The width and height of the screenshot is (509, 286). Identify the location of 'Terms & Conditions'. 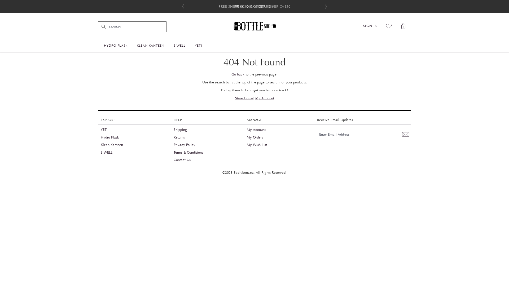
(188, 152).